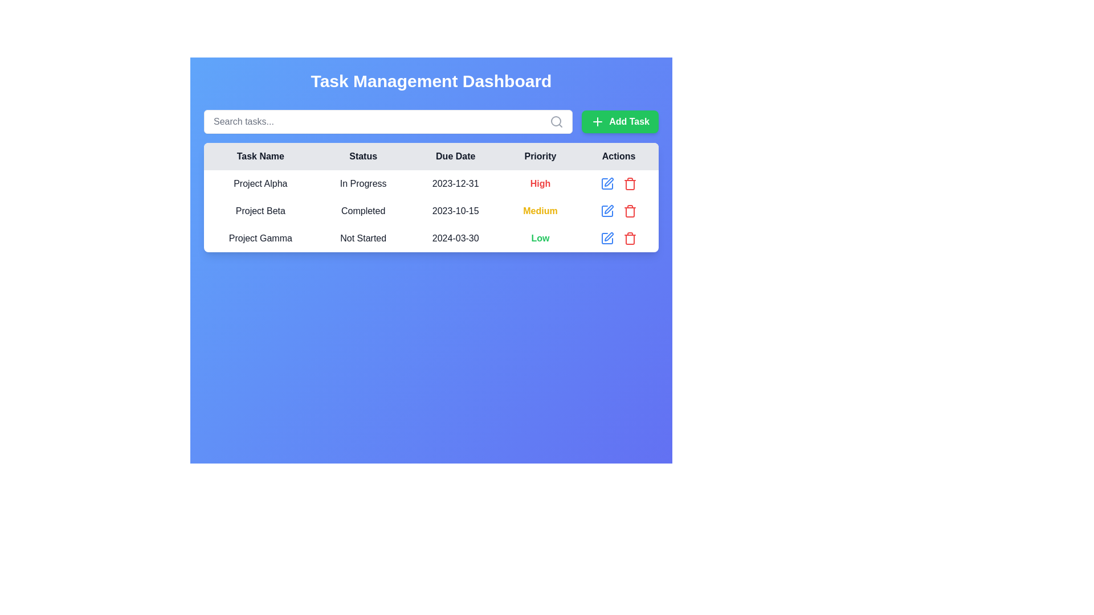 The image size is (1094, 615). I want to click on the plus icon located on the left side of the 'Add Task' button, so click(597, 121).